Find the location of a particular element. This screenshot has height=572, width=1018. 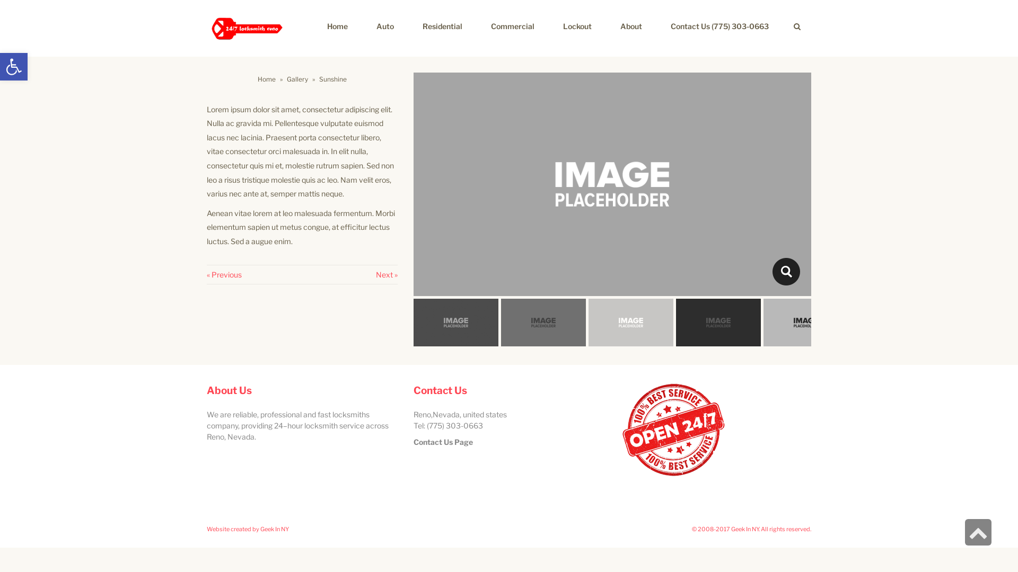

'Contact Us (775) 303-0663' is located at coordinates (719, 26).